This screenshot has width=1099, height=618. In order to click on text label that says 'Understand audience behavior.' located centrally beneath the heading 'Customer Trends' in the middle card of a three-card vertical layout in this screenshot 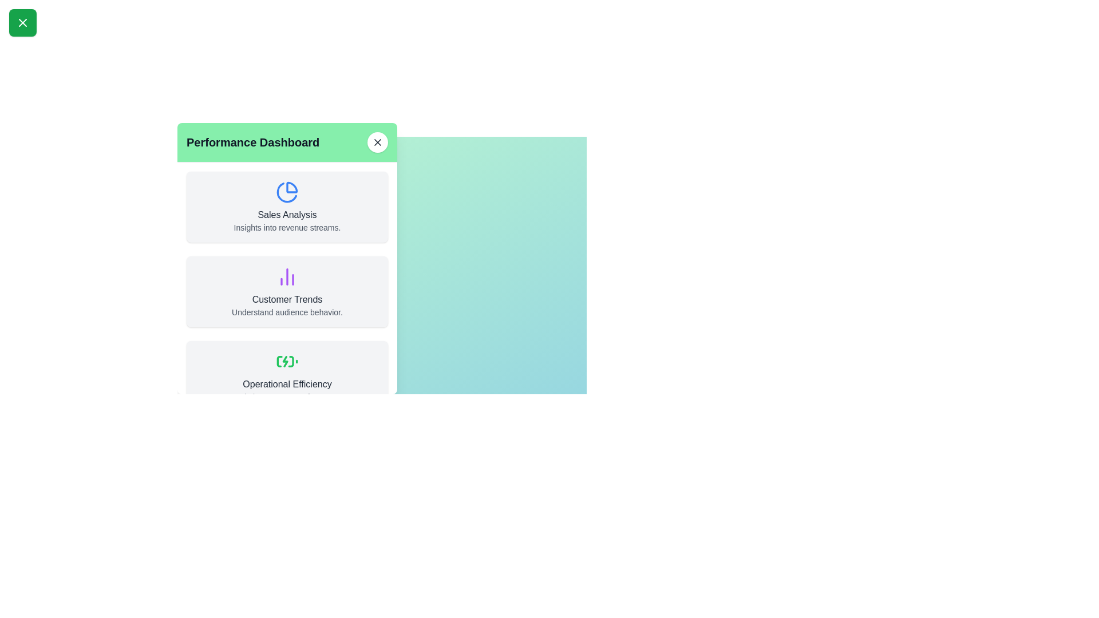, I will do `click(287, 312)`.